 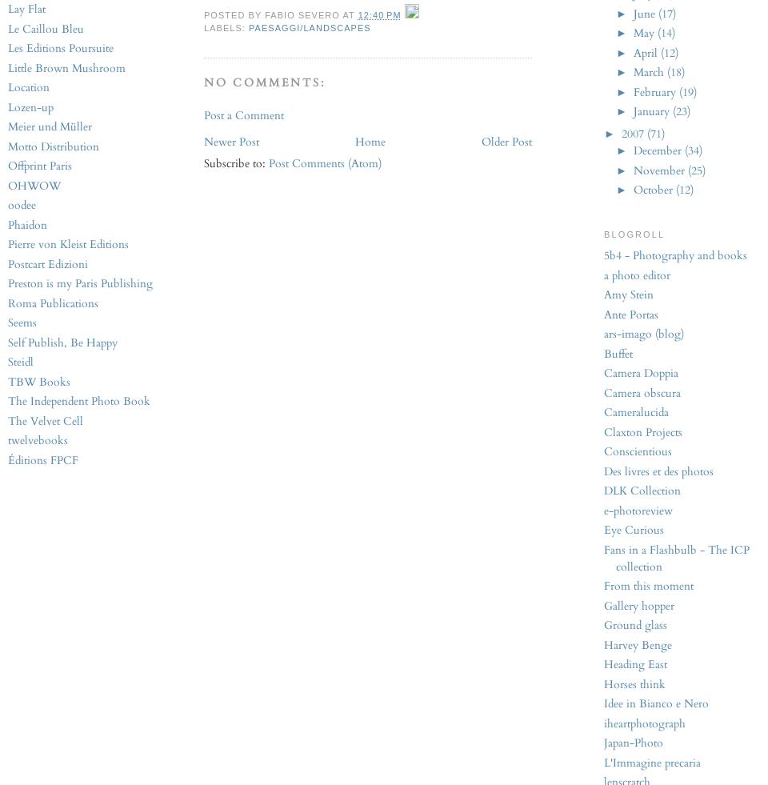 What do you see at coordinates (202, 140) in the screenshot?
I see `'Newer Post'` at bounding box center [202, 140].